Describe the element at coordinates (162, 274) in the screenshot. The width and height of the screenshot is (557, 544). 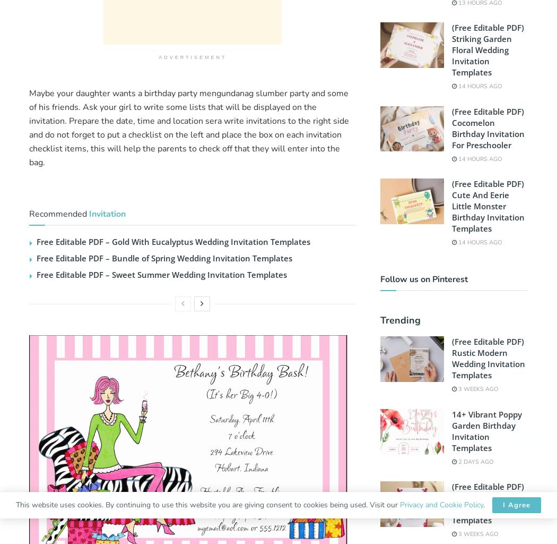
I see `'Free Editable PDF – Sweet Summer Wedding Invitation Templates'` at that location.